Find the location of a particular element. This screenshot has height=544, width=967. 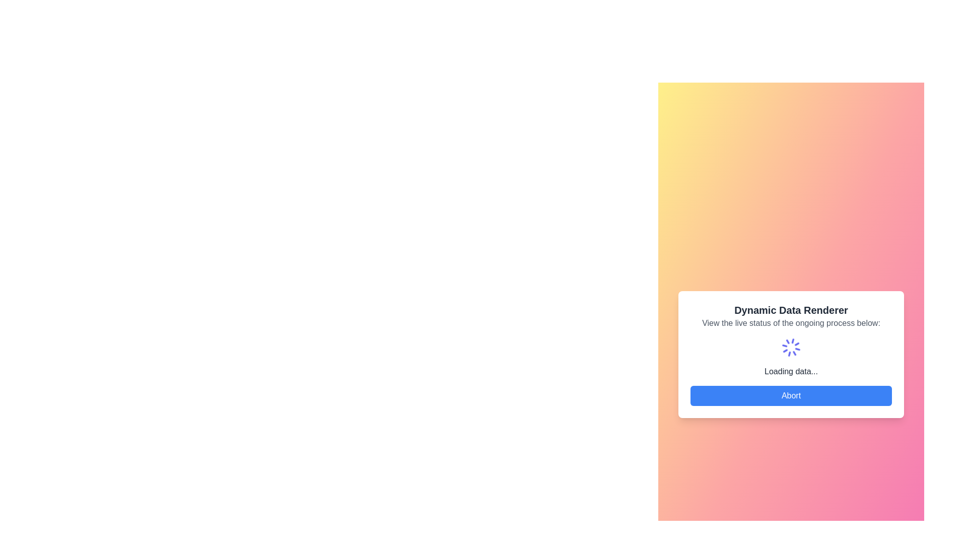

the loading animation of the loading indicator located in the second section of the panel titled 'Dynamic Data Renderer', positioned between the descriptive text and the 'Abort' button is located at coordinates (790, 357).